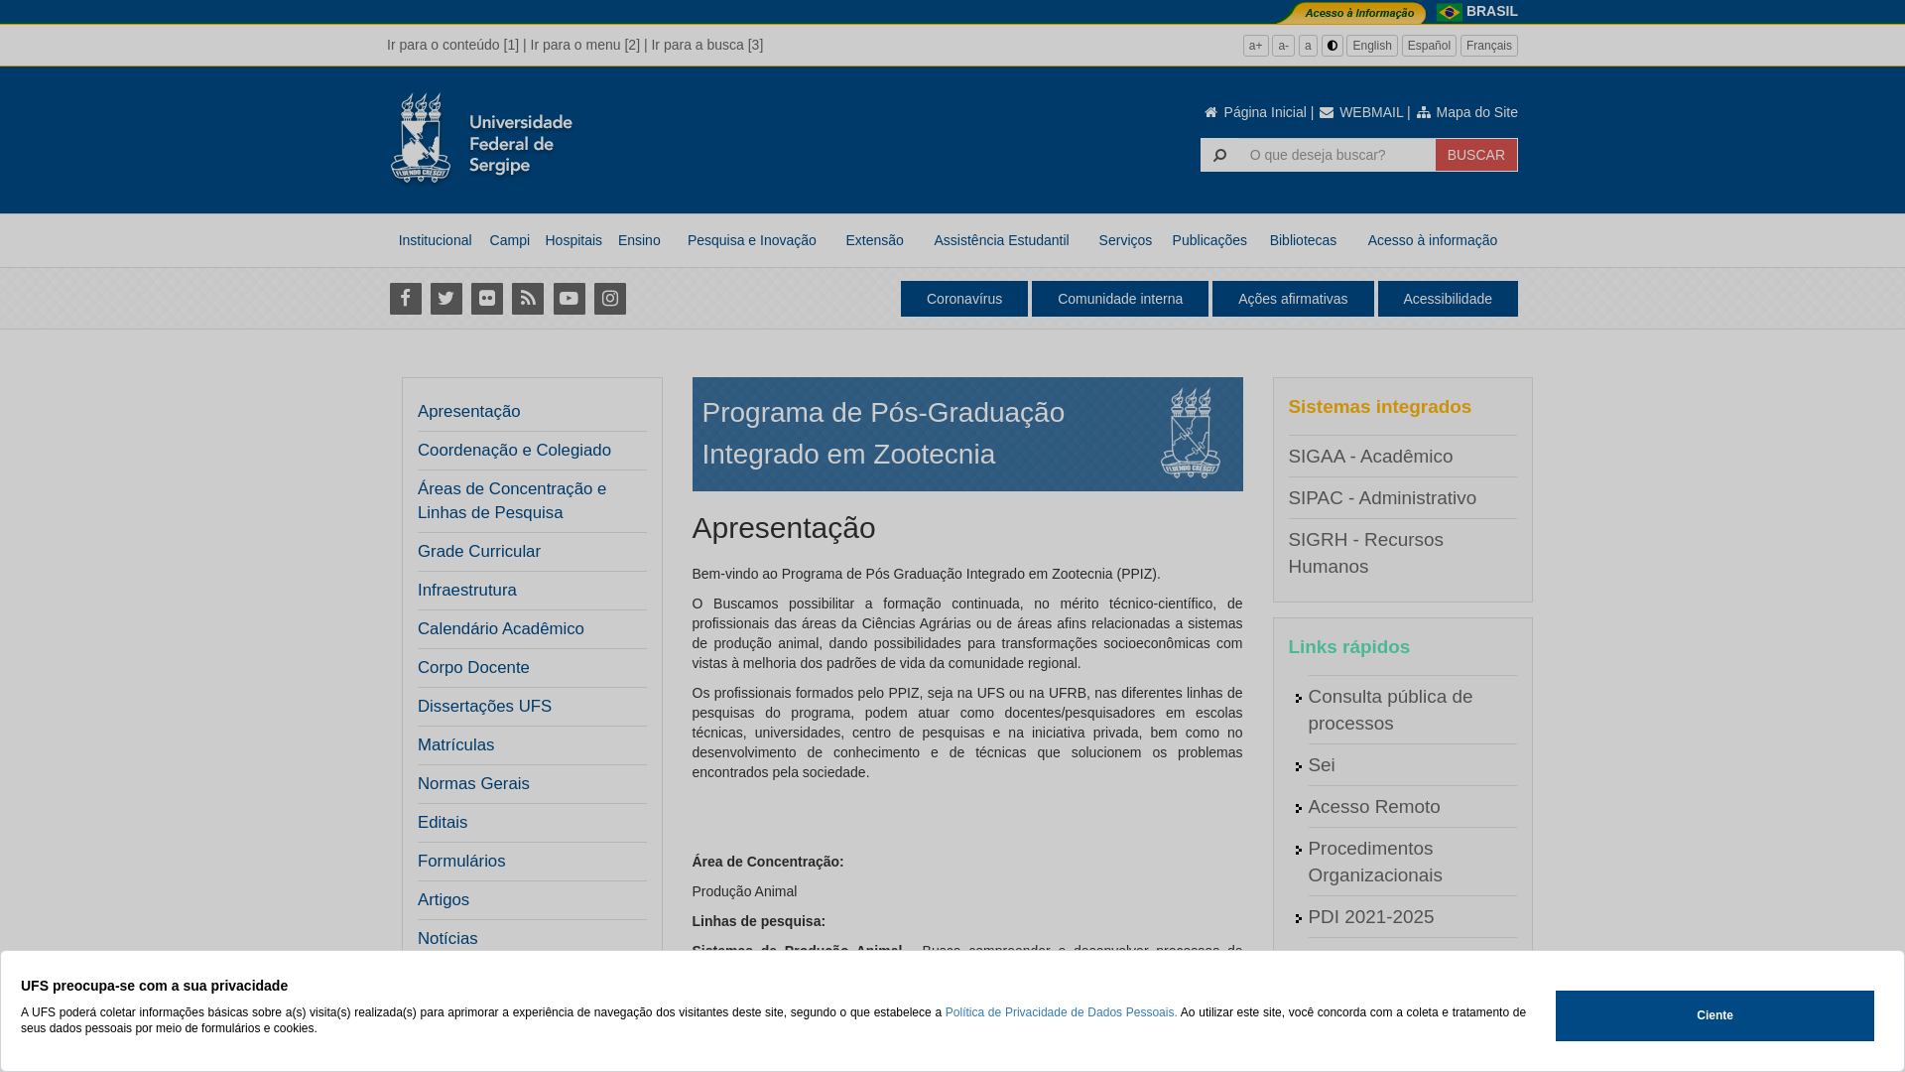 The image size is (1905, 1072). I want to click on 'Normas Gerais', so click(472, 783).